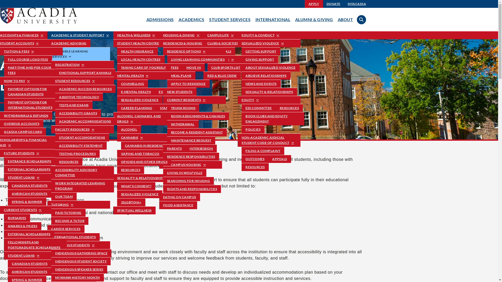 The height and width of the screenshot is (282, 502). What do you see at coordinates (241, 158) in the screenshot?
I see `'OUTCOMES'` at bounding box center [241, 158].